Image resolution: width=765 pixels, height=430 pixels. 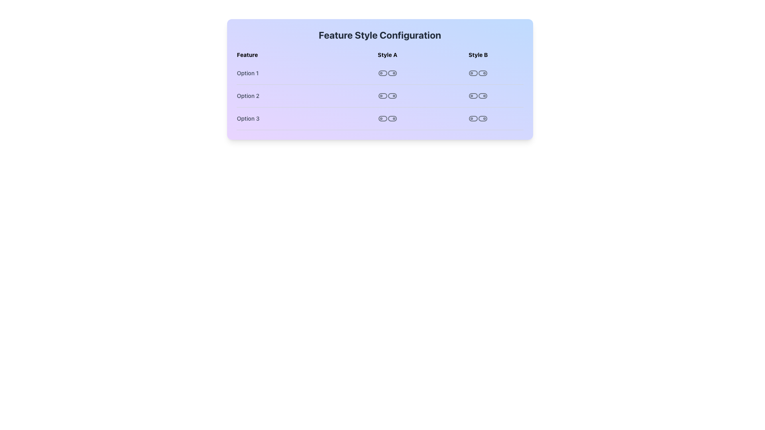 I want to click on the interactive linked elements or toggle located in the third cell of the 'Option 2' row under the 'Style B' column, so click(x=478, y=95).